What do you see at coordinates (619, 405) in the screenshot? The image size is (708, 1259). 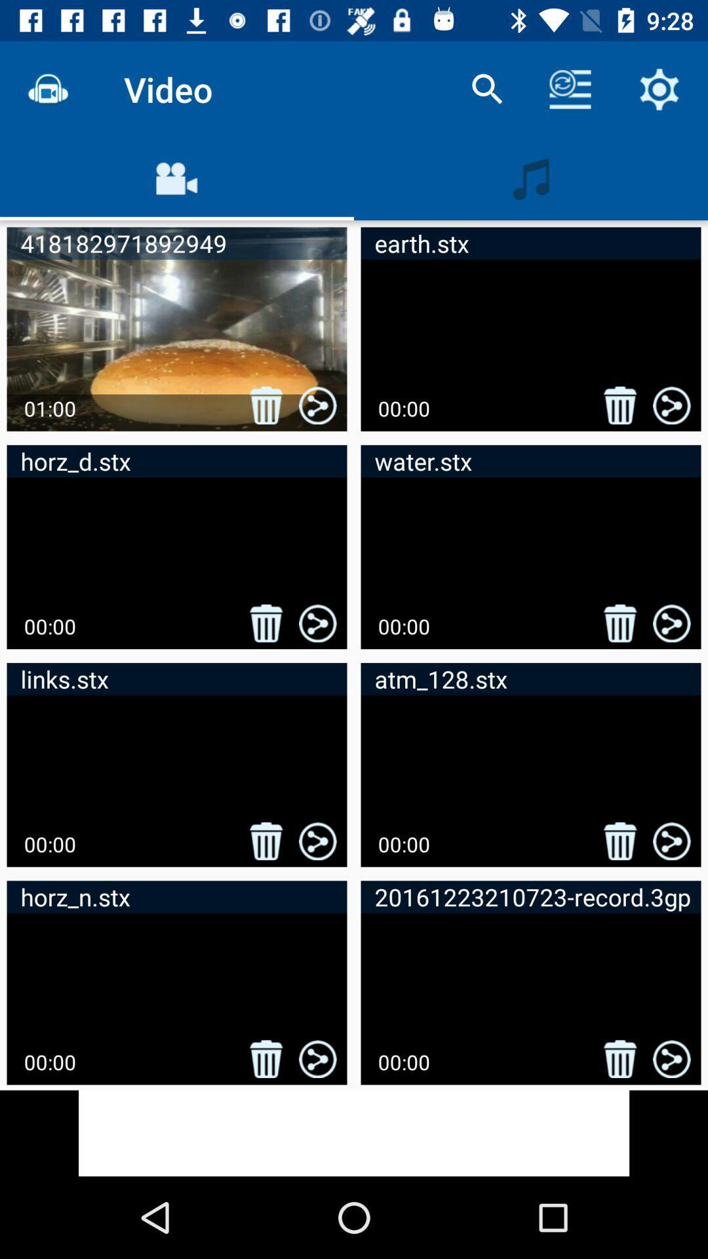 I see `the 2nd delete button icon` at bounding box center [619, 405].